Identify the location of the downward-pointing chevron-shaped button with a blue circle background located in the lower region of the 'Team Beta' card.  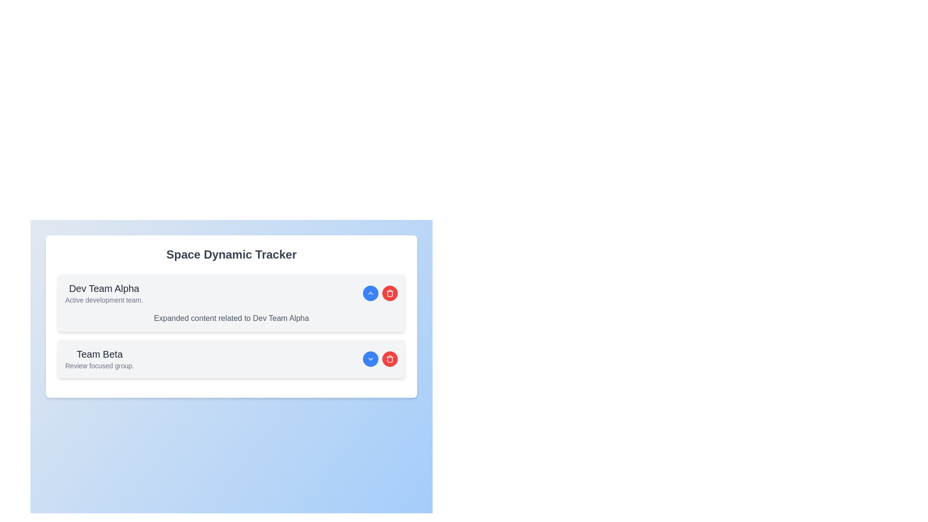
(370, 359).